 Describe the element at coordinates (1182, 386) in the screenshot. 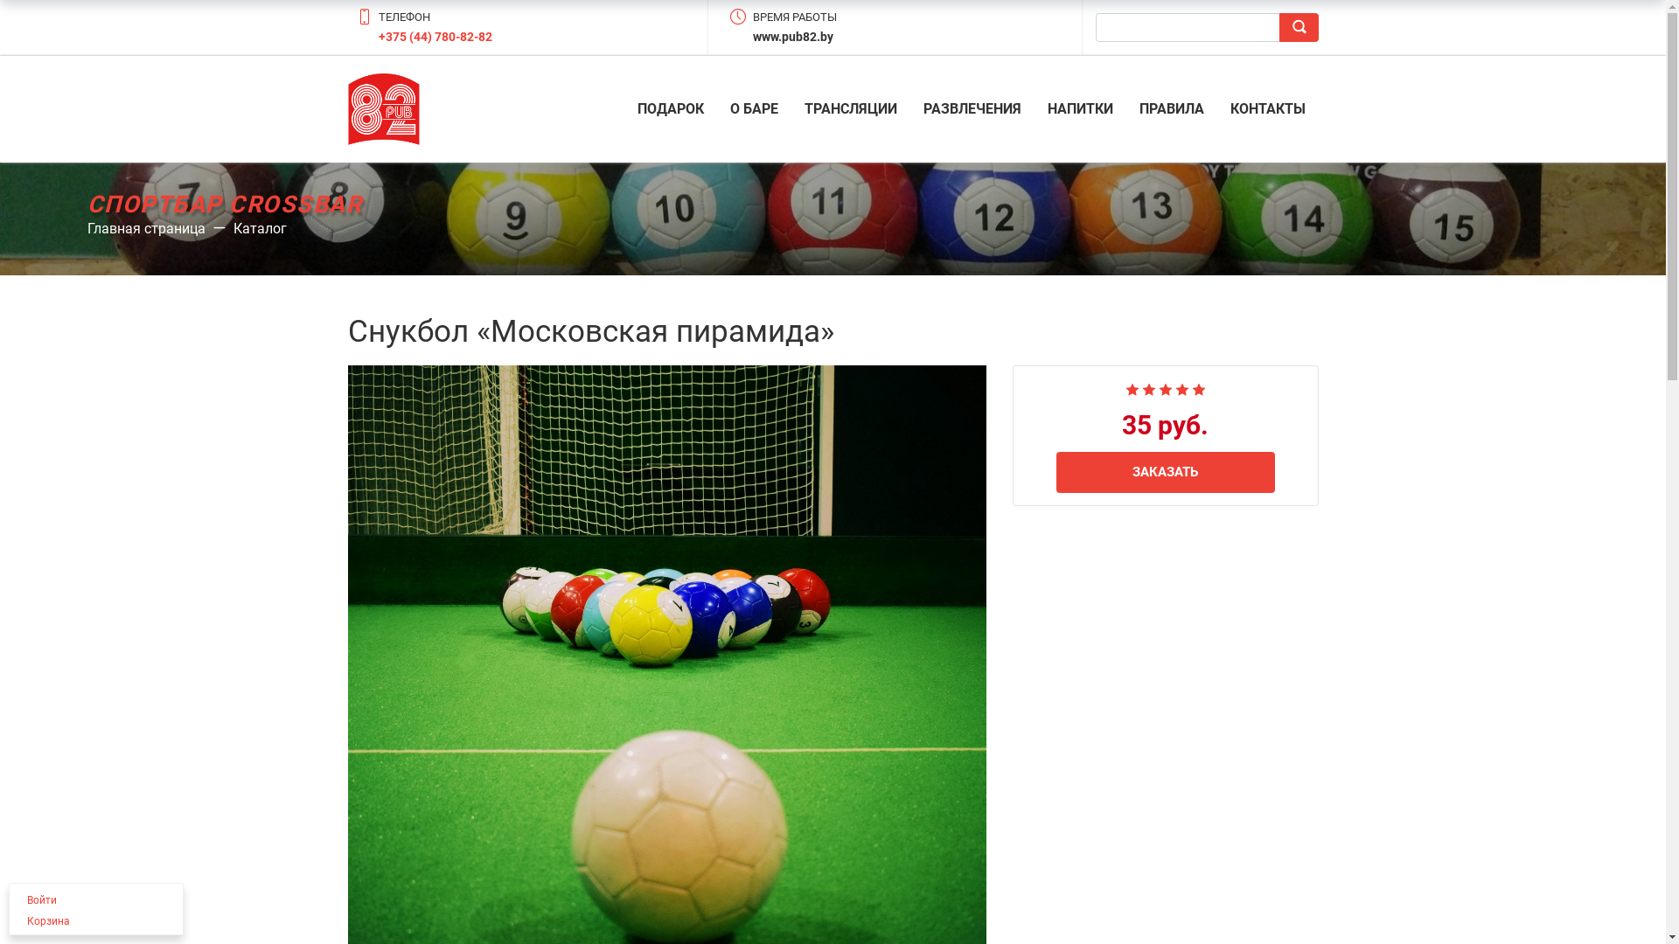

I see `'4'` at that location.